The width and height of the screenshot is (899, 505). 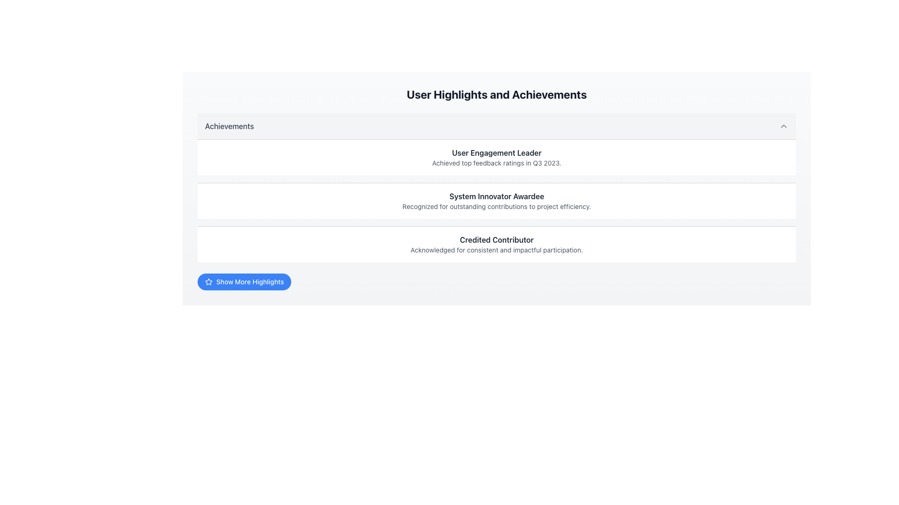 I want to click on the first informational card displaying a specific achievement or recognition detail in the 'User Highlights and Achievements' section, so click(x=496, y=156).